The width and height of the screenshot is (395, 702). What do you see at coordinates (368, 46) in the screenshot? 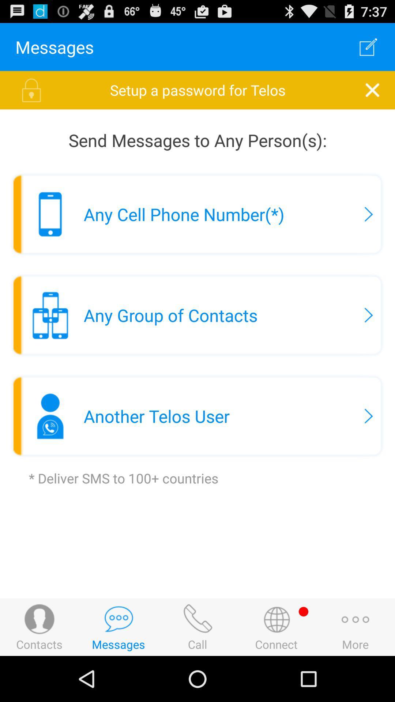
I see `item to the right of the messages icon` at bounding box center [368, 46].